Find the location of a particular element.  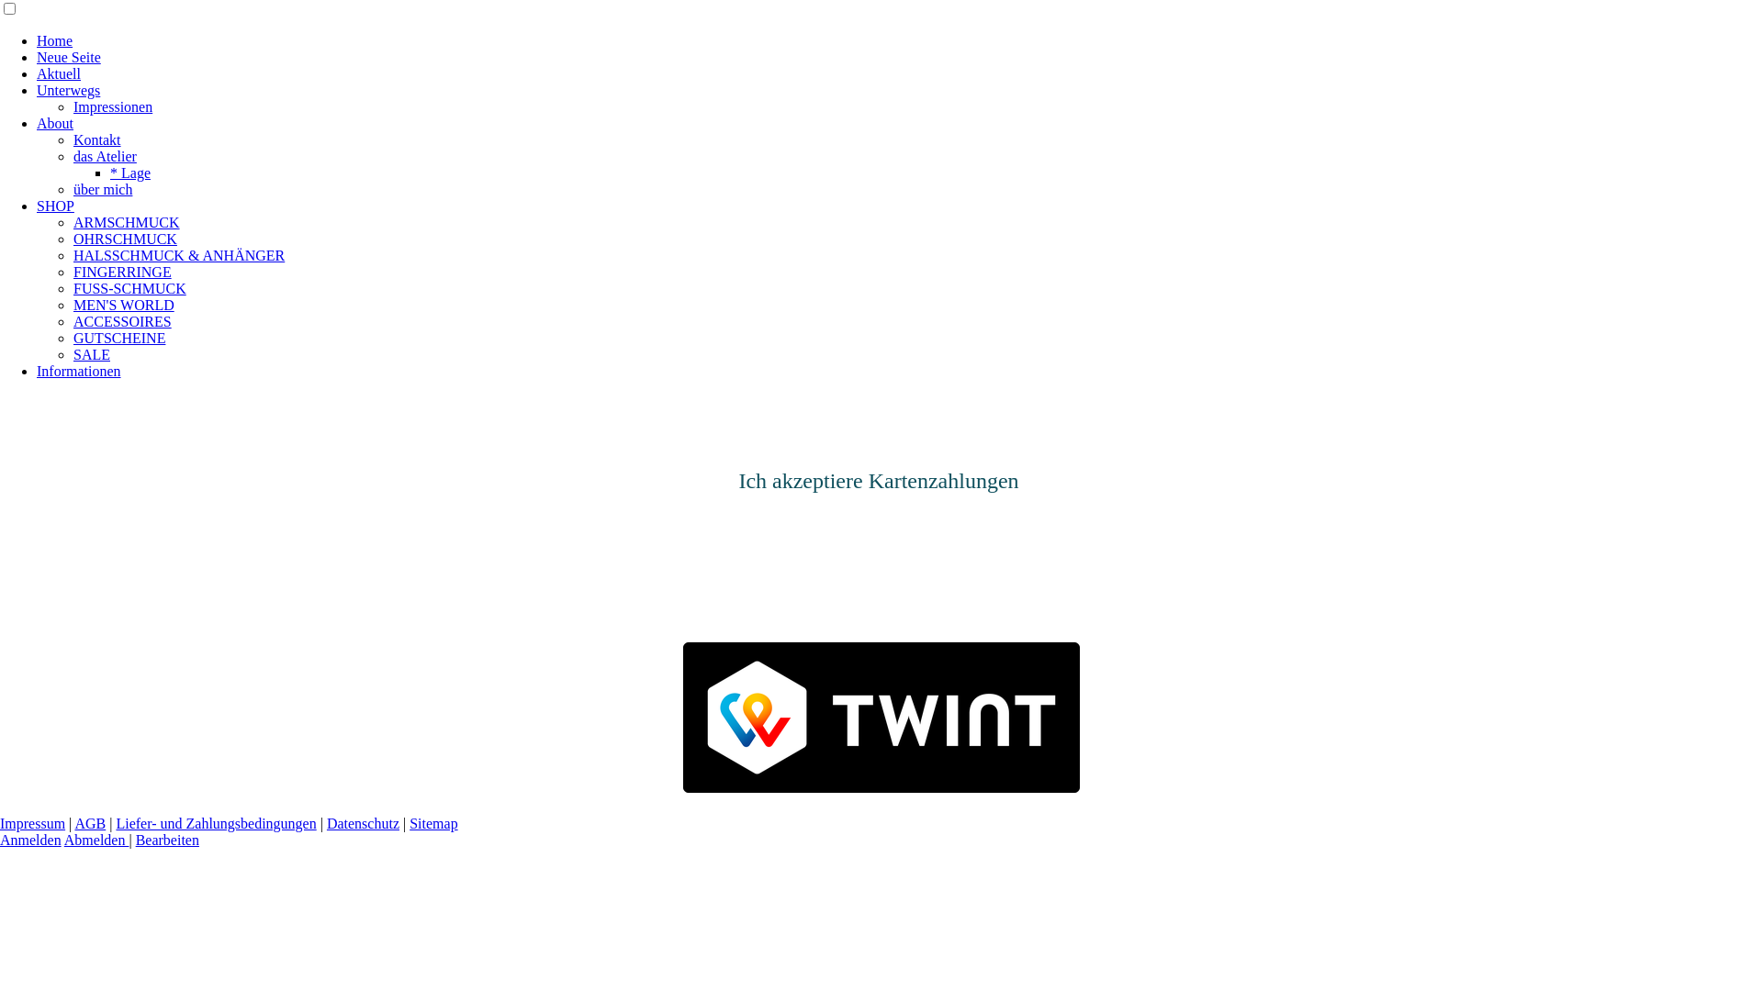

'FINGERRINGE' is located at coordinates (121, 272).